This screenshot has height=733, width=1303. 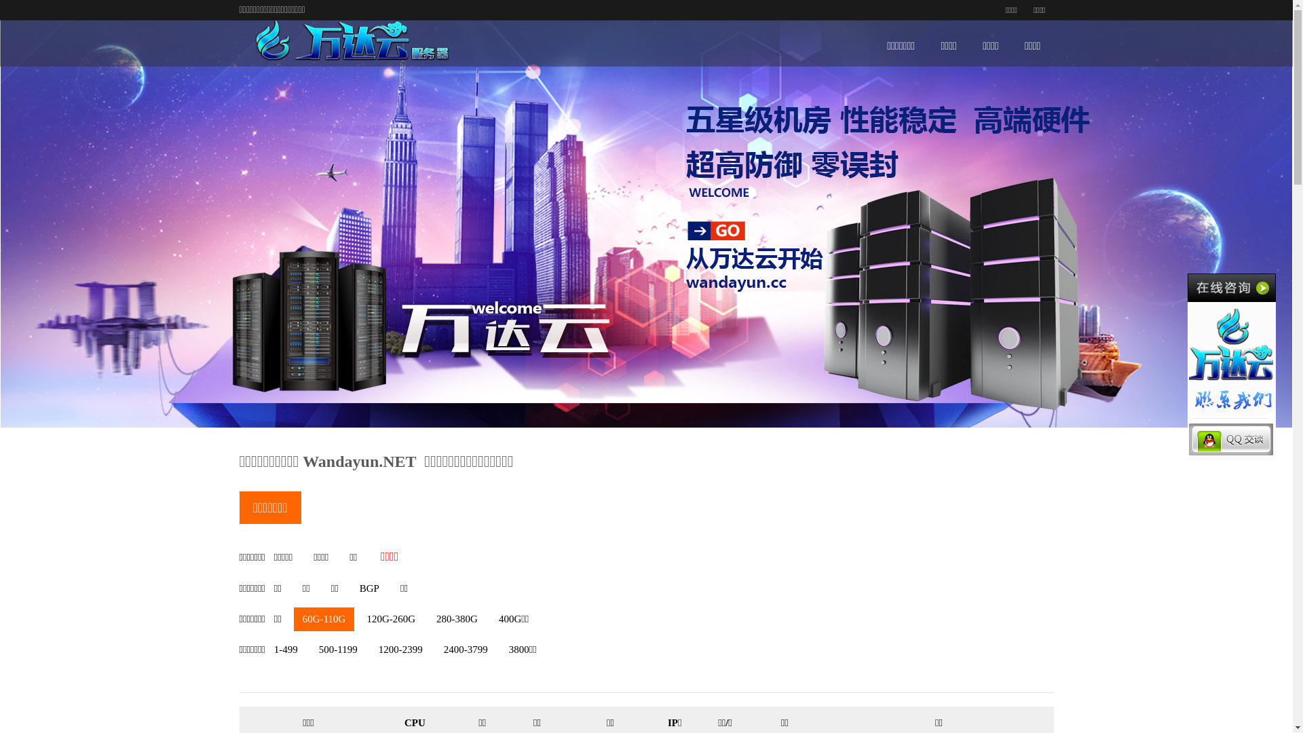 What do you see at coordinates (369, 588) in the screenshot?
I see `'BGP'` at bounding box center [369, 588].